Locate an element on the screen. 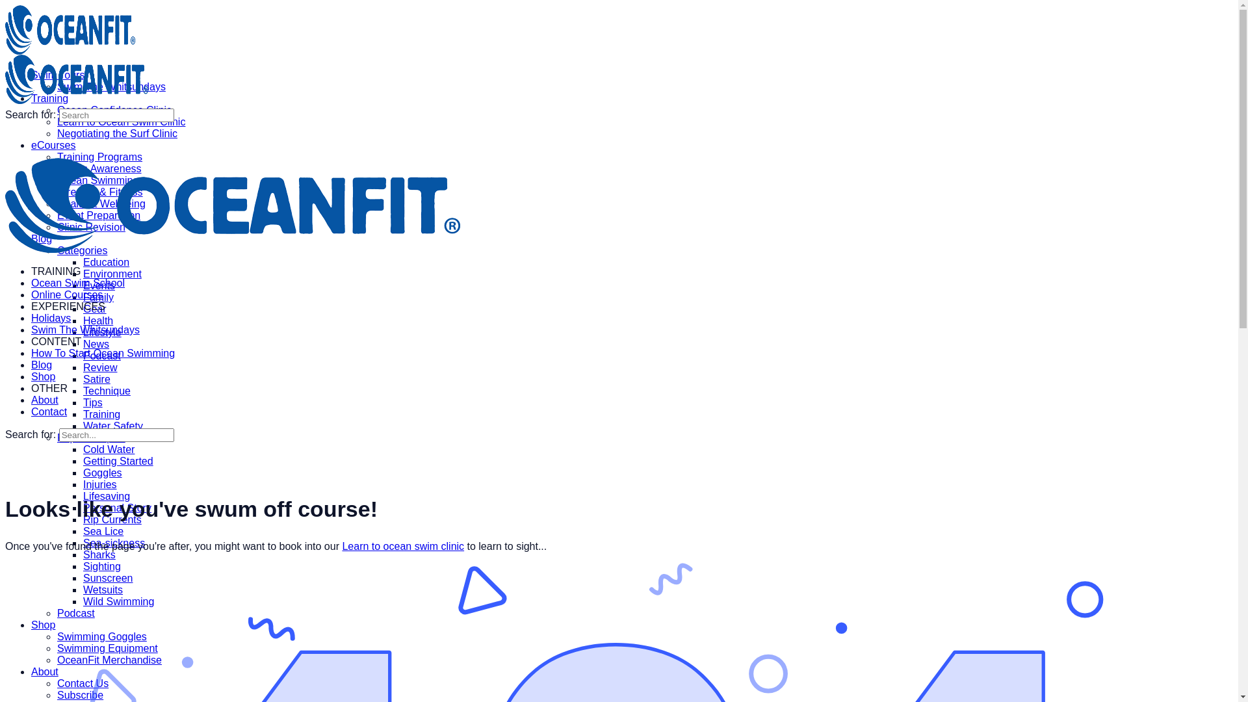  'Rip Currents' is located at coordinates (112, 519).